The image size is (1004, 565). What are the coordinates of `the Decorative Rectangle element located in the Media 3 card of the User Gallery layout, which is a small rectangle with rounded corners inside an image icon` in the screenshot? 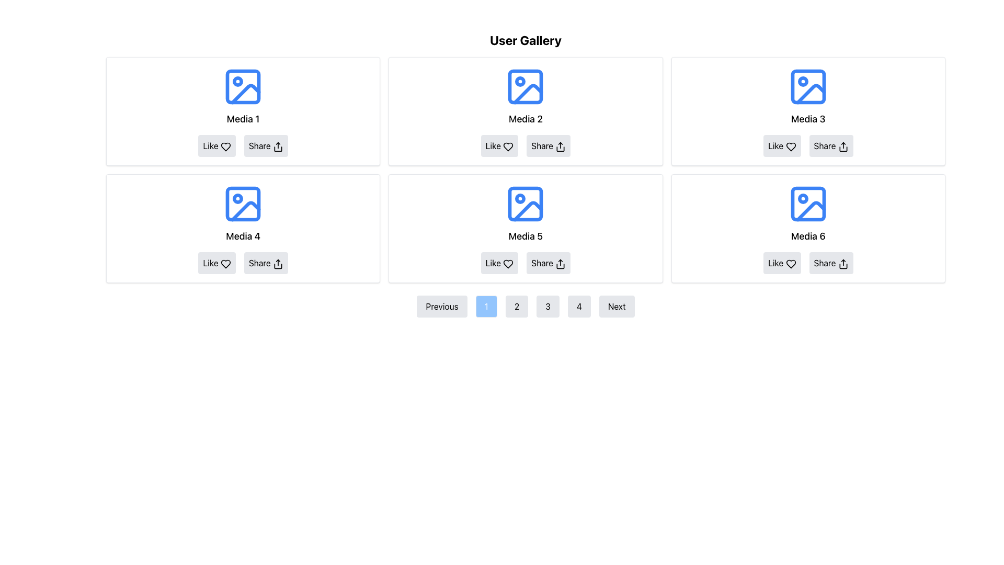 It's located at (807, 86).